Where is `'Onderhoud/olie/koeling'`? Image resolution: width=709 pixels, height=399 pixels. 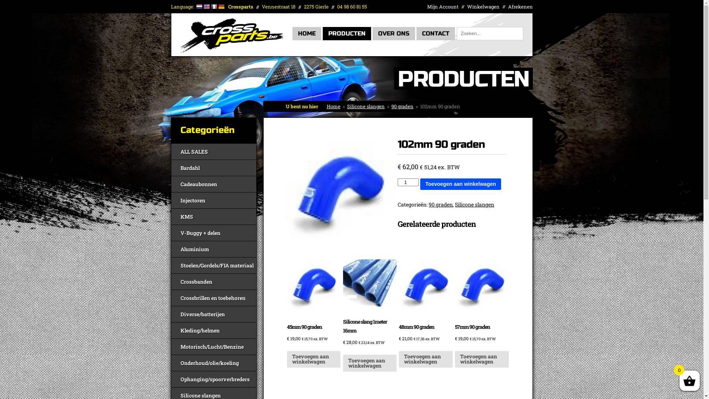
'Onderhoud/olie/koeling' is located at coordinates (213, 362).